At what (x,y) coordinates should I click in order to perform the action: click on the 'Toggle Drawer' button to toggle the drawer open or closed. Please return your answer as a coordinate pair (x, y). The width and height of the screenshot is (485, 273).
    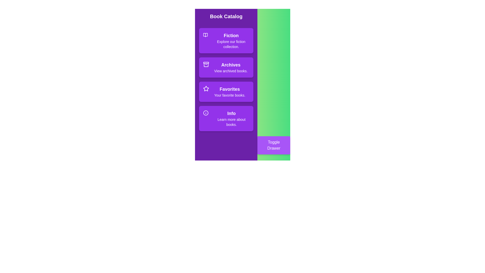
    Looking at the image, I should click on (274, 145).